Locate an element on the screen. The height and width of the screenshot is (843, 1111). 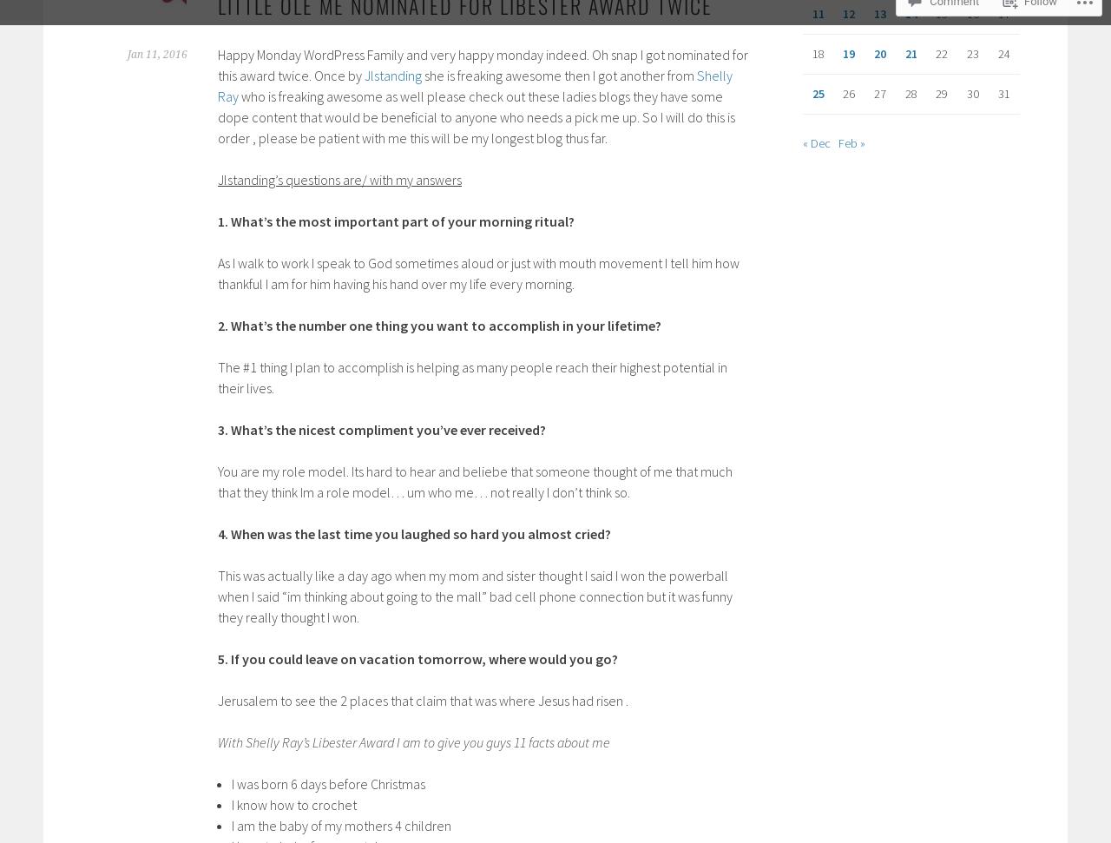
'The #1 thing I plan to accomplish is helping as many people reach their highest potential in their lives.' is located at coordinates (472, 377).